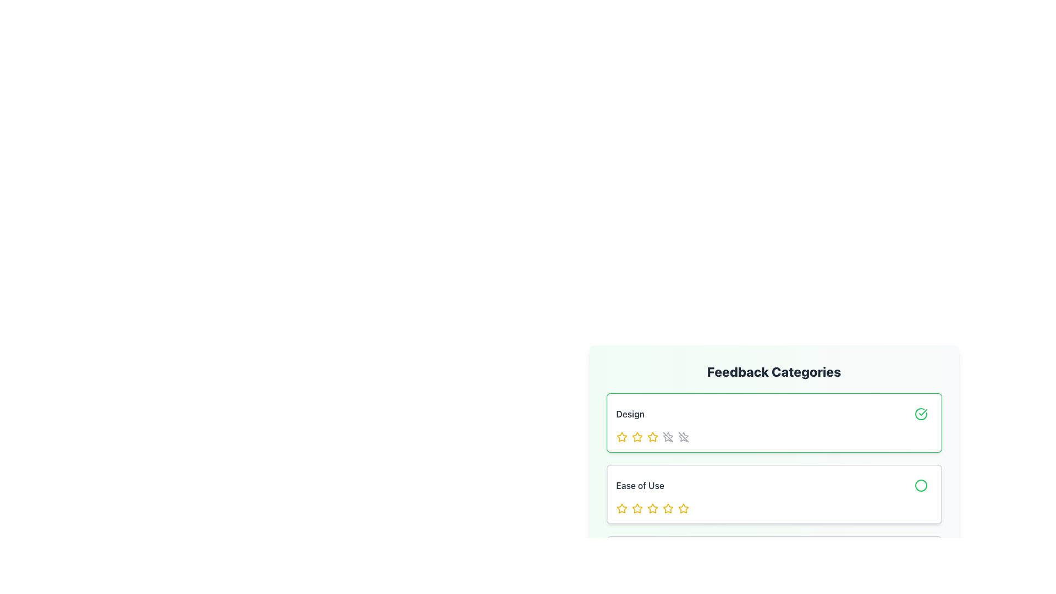 The image size is (1056, 594). I want to click on the fifth star icon in the rating system for 'Ease of Use' feedback, so click(683, 508).